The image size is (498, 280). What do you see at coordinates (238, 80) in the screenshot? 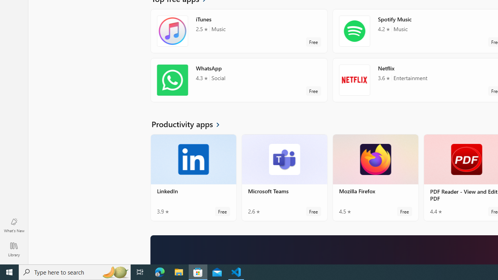
I see `'WhatsApp. Average rating of 4.3 out of five stars. Free  '` at bounding box center [238, 80].